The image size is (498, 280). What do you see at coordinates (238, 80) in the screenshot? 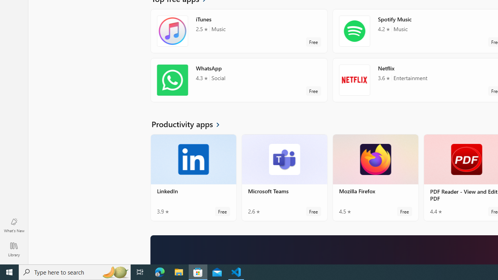
I see `'WhatsApp. Average rating of 4.3 out of five stars. Free  '` at bounding box center [238, 80].